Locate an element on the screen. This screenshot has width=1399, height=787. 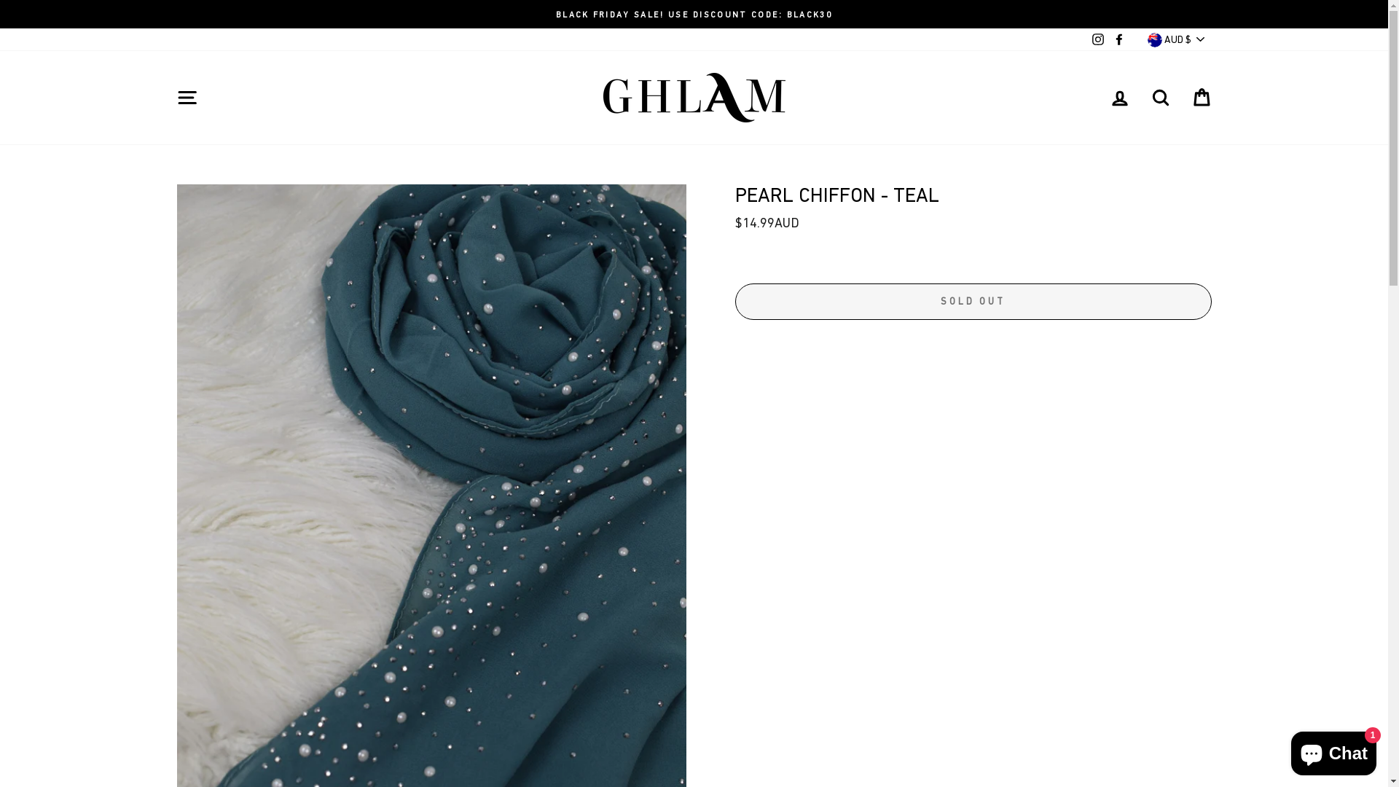
'SEARCH' is located at coordinates (1159, 97).